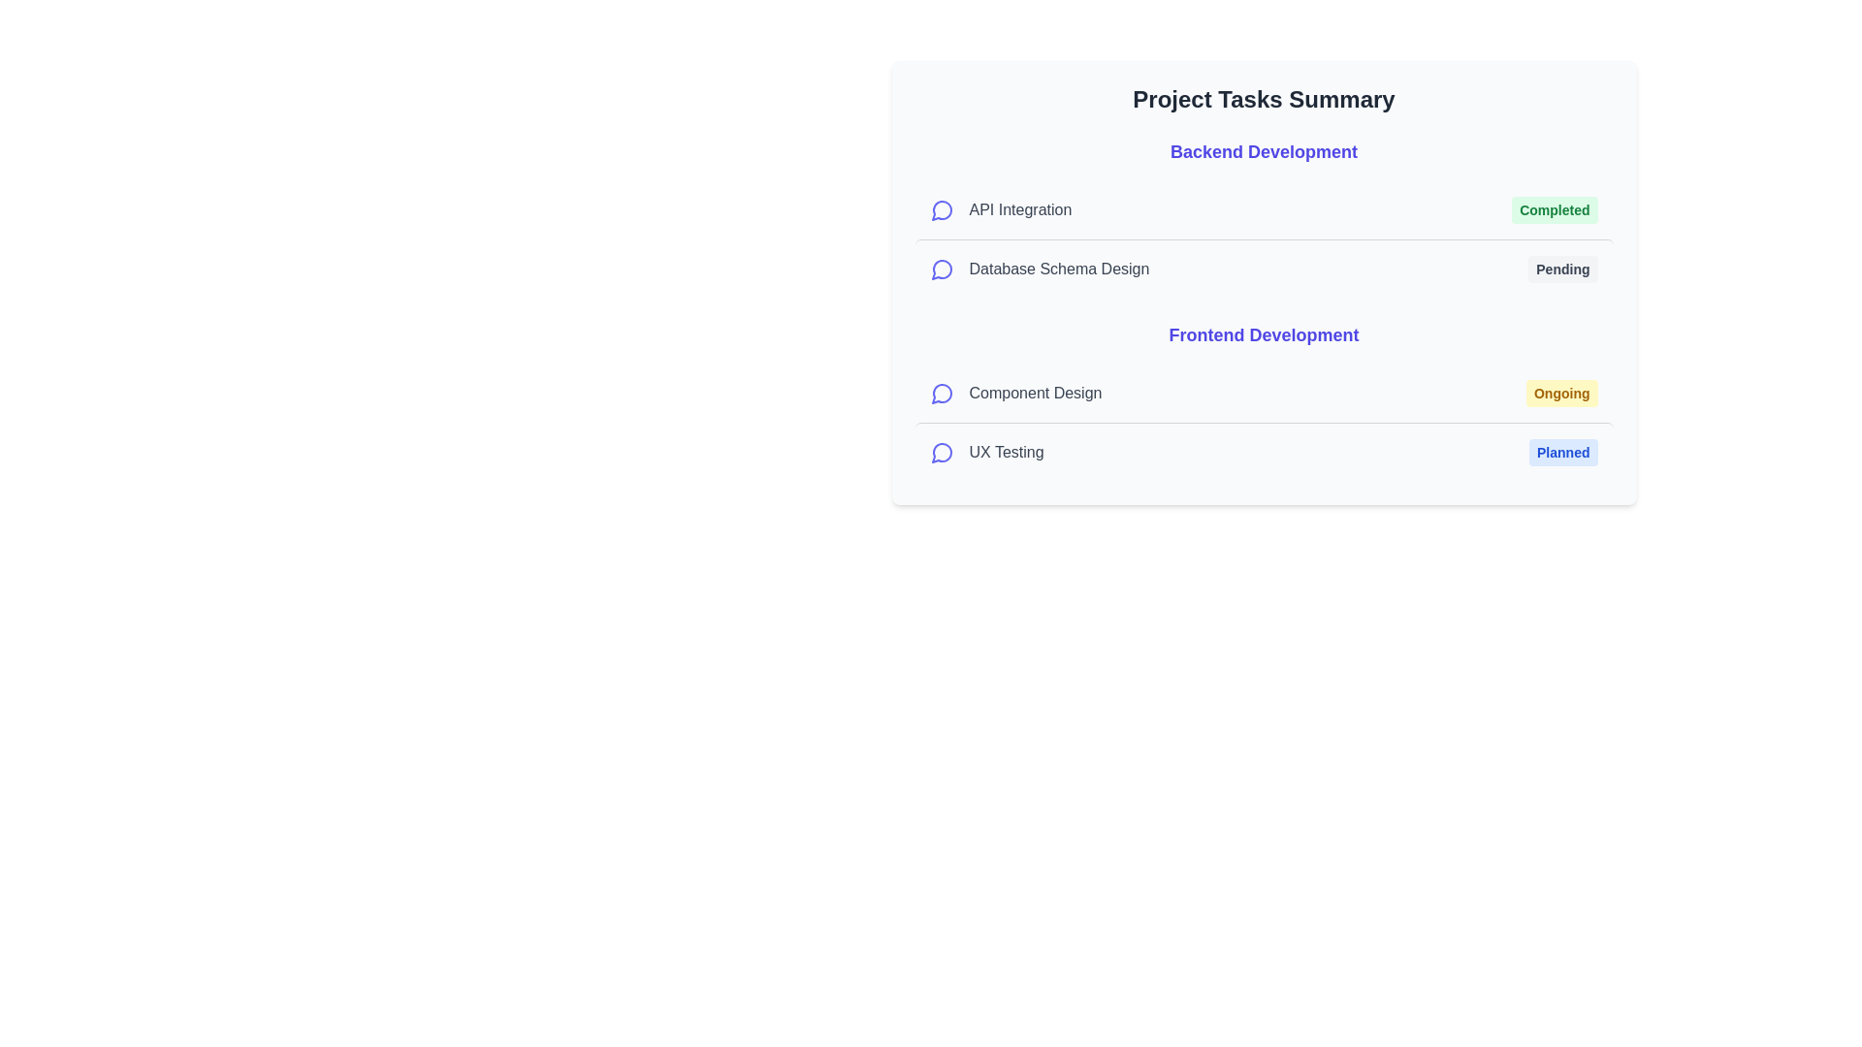 The image size is (1862, 1047). Describe the element at coordinates (1264, 393) in the screenshot. I see `the first task entry` at that location.